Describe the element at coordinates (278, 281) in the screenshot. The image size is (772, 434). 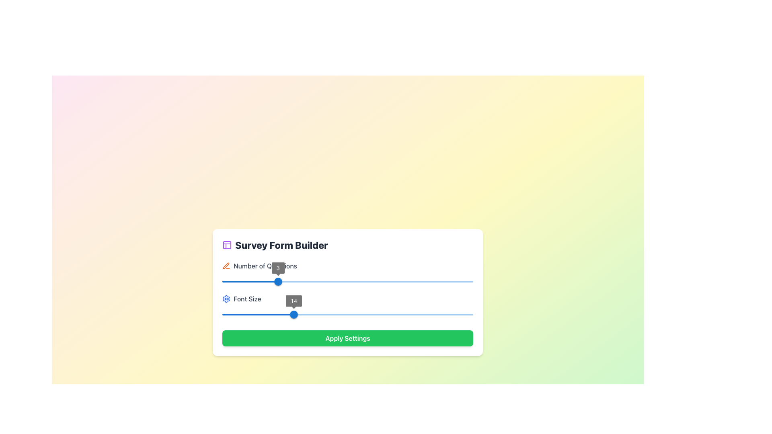
I see `the number of questions` at that location.